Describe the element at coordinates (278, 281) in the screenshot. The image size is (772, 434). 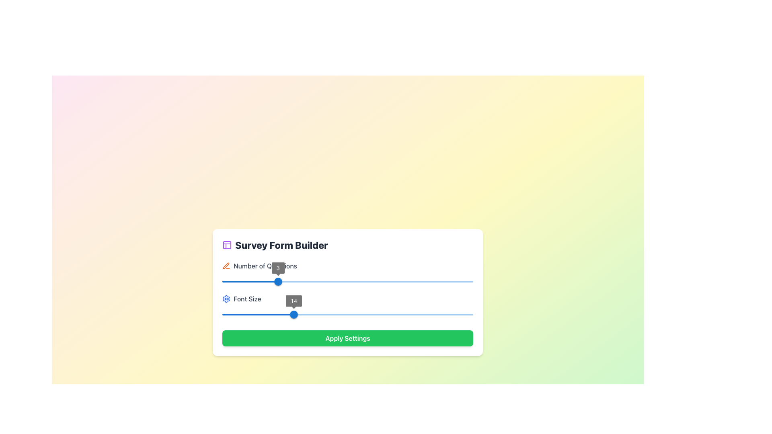
I see `the number of questions` at that location.